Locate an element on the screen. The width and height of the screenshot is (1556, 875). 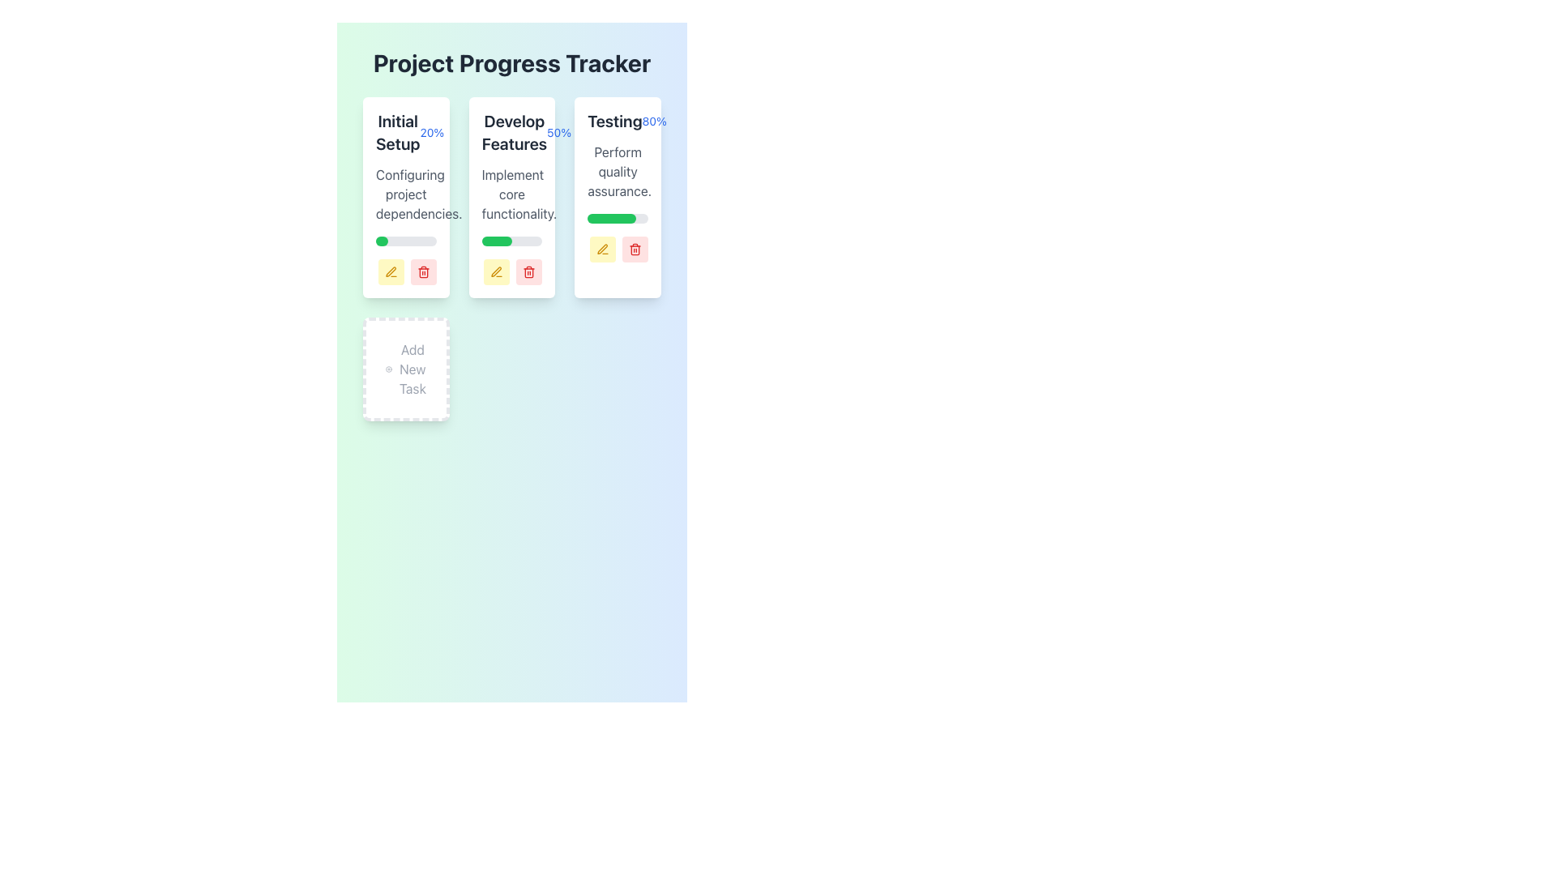
the Progress Bar that visually represents the completion of a task, indicating '80%' completion, located at the bottom of the 'Testing 80%' card is located at coordinates (617, 219).